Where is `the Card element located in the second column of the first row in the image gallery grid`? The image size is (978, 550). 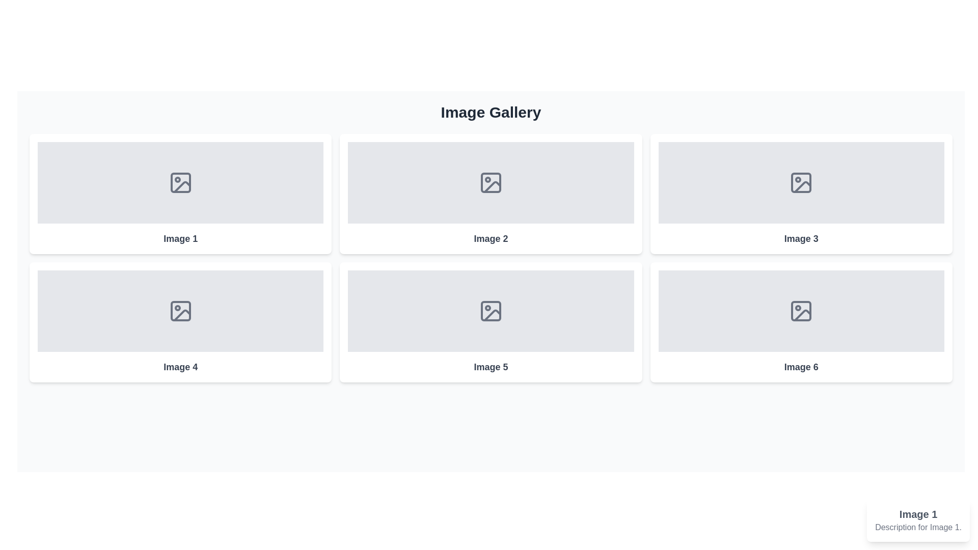
the Card element located in the second column of the first row in the image gallery grid is located at coordinates (491, 194).